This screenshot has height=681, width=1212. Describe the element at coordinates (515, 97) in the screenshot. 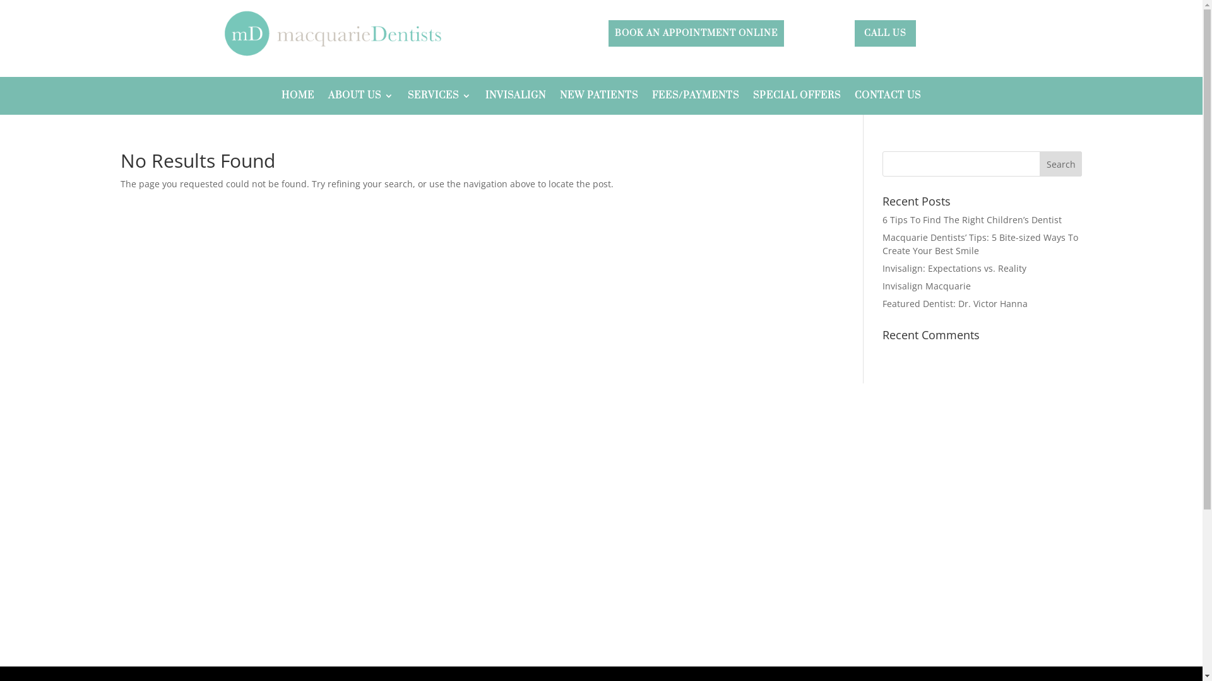

I see `'INVISALIGN'` at that location.